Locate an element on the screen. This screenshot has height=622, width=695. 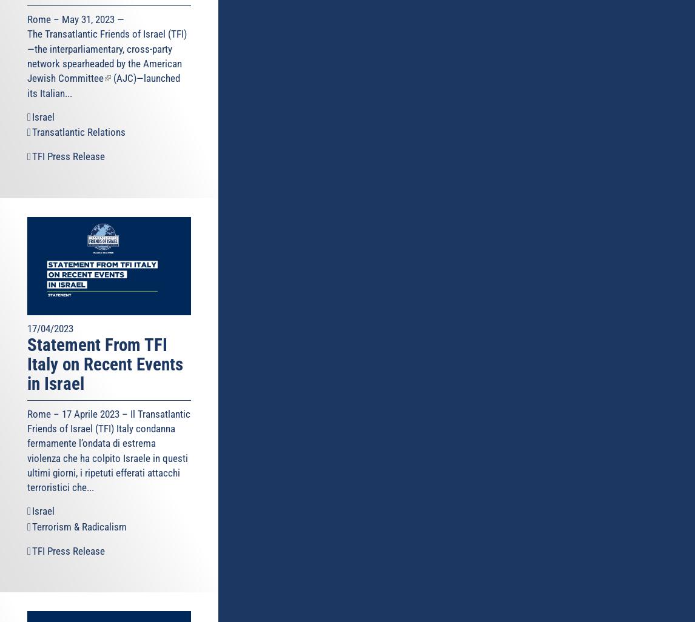
'Rome – May 31, 2023 — The' is located at coordinates (76, 27).